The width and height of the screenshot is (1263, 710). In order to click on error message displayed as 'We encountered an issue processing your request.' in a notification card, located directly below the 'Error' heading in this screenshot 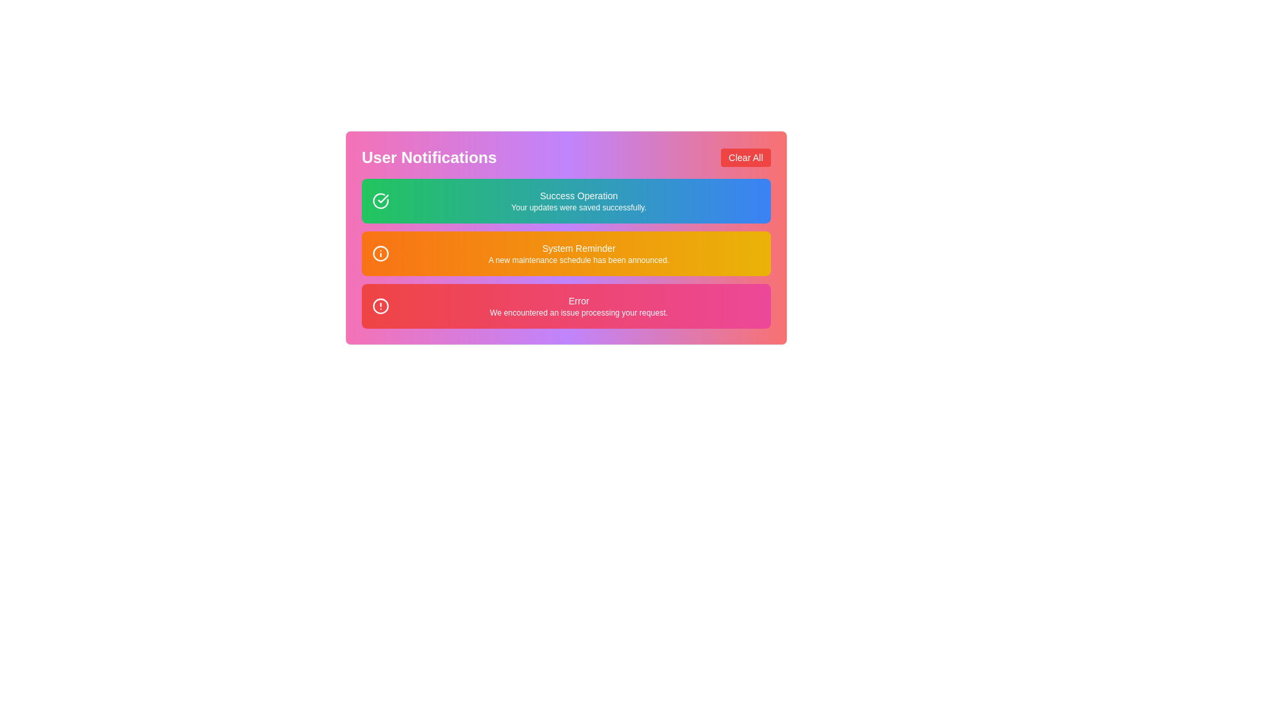, I will do `click(579, 312)`.